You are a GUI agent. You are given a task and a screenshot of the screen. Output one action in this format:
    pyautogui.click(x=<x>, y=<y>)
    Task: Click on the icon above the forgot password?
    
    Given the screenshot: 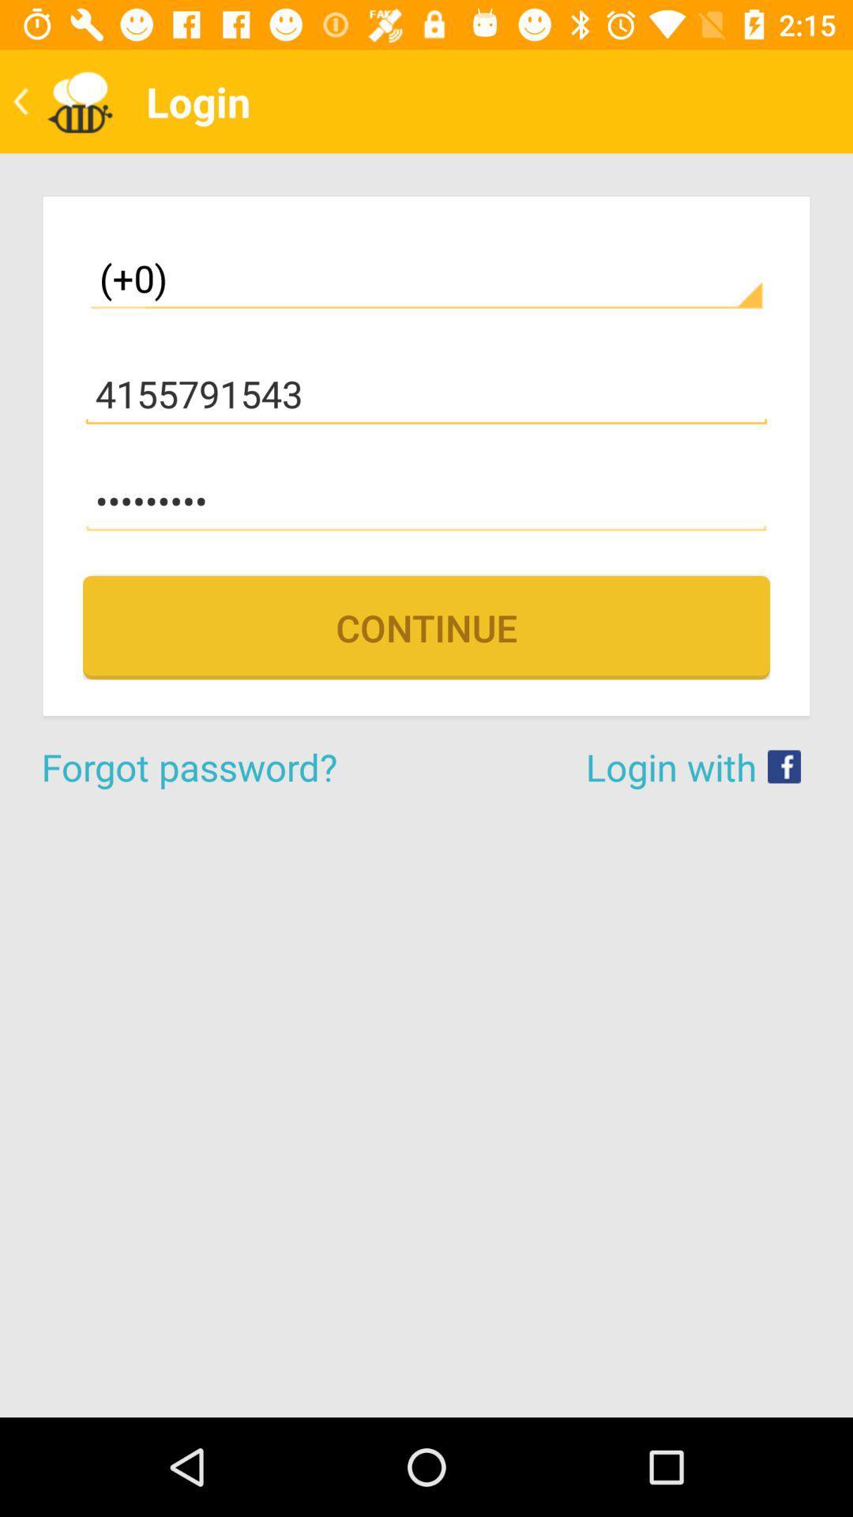 What is the action you would take?
    pyautogui.click(x=426, y=627)
    